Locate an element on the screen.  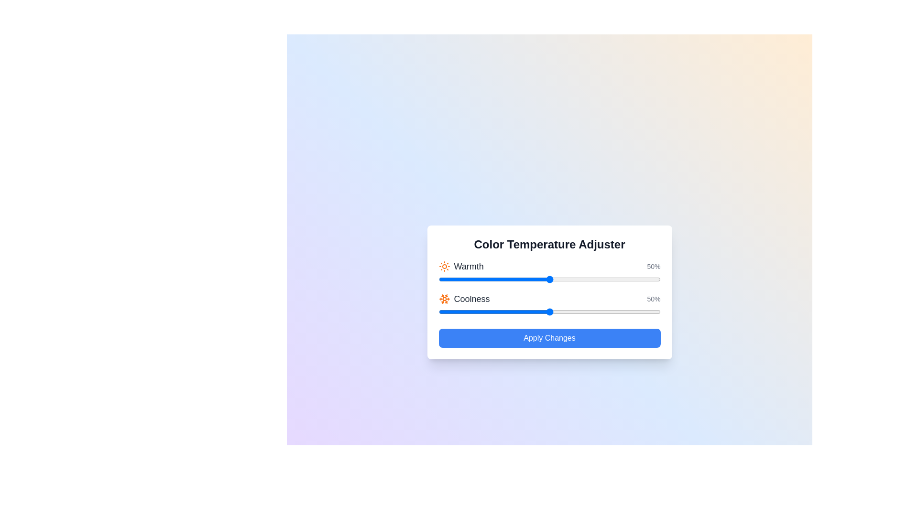
the 'Coolness' slider to 27% is located at coordinates (498, 312).